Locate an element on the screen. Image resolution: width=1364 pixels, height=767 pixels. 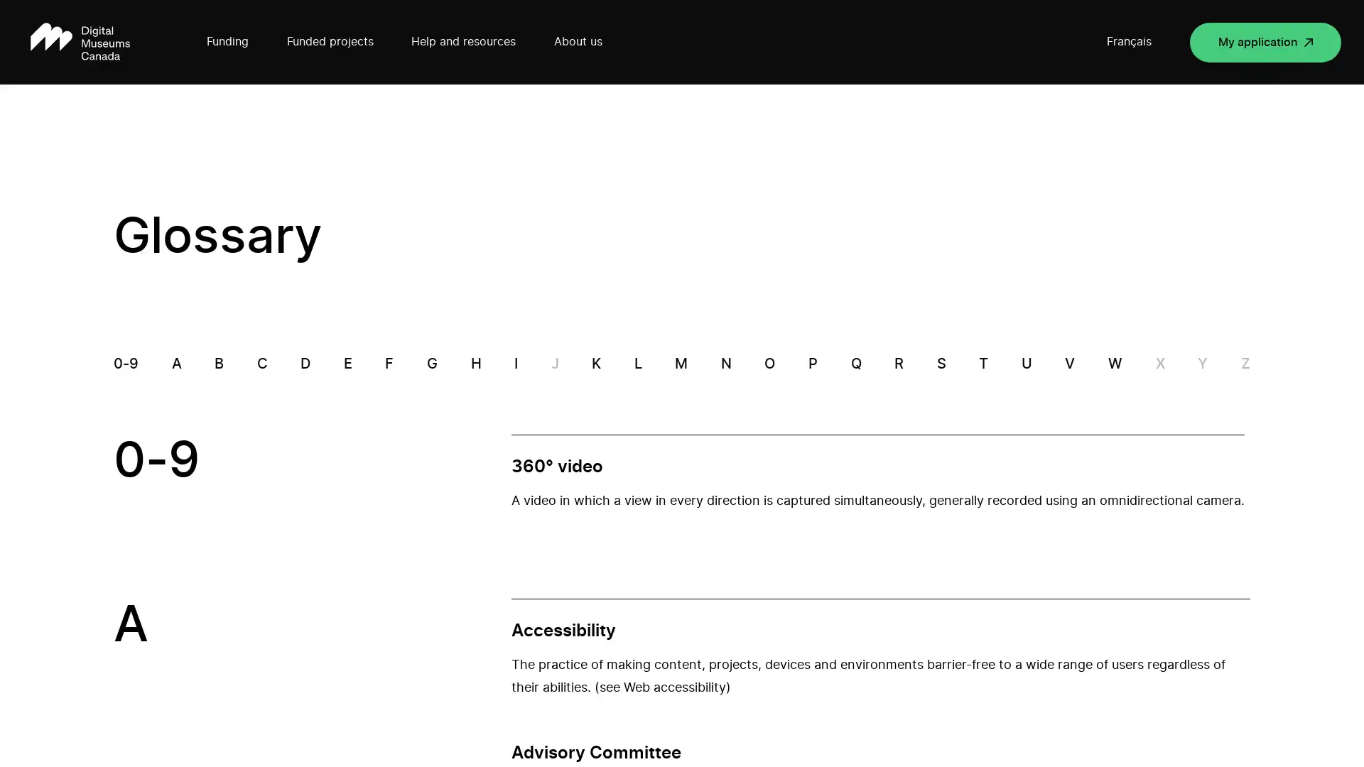
0-9 is located at coordinates (126, 364).